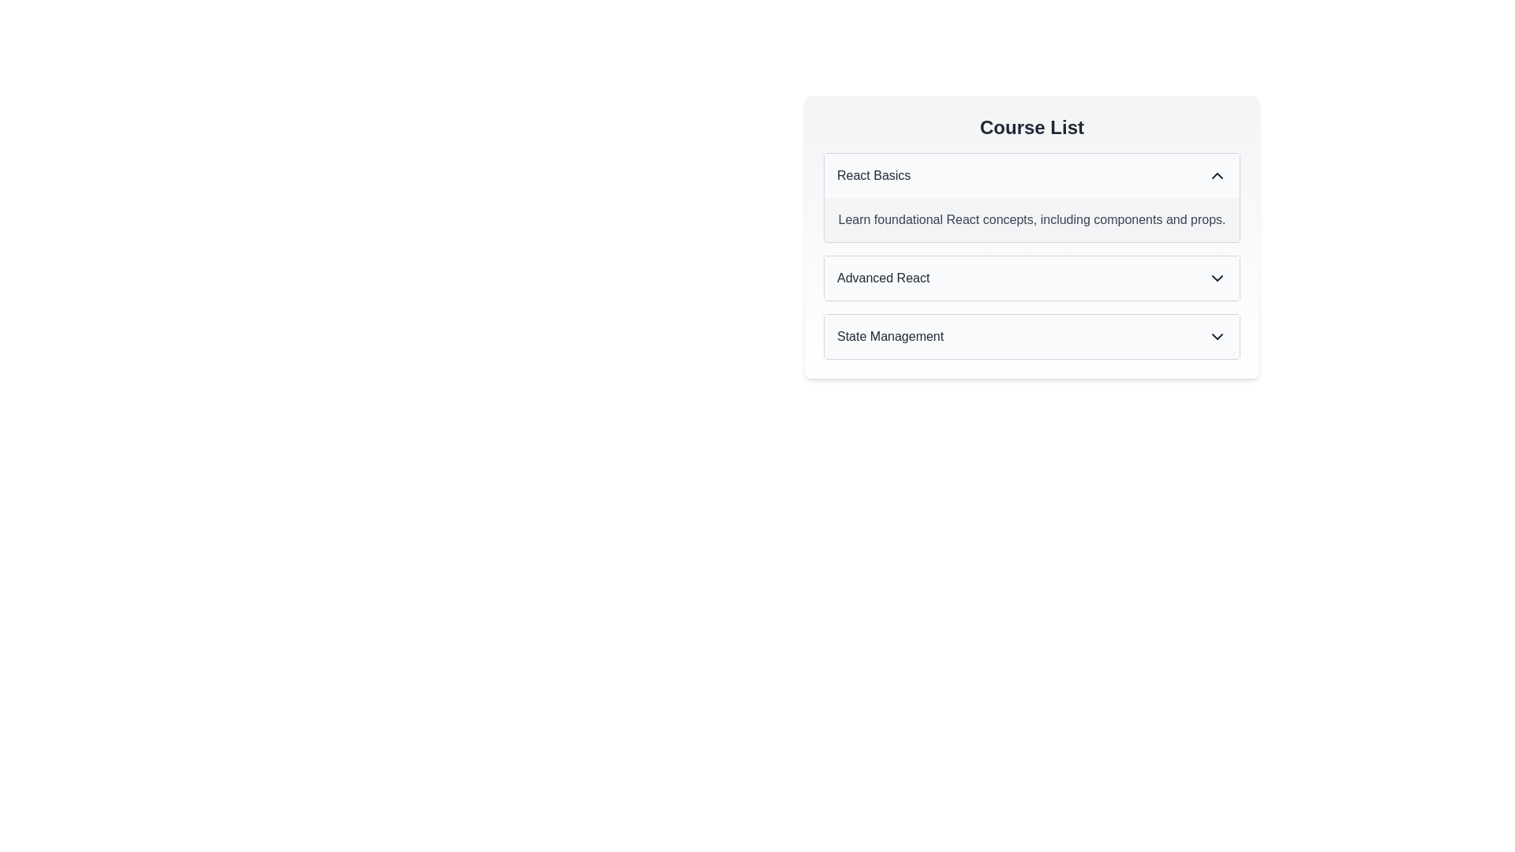 This screenshot has height=852, width=1515. What do you see at coordinates (882, 278) in the screenshot?
I see `the text label displaying 'Advanced React'` at bounding box center [882, 278].